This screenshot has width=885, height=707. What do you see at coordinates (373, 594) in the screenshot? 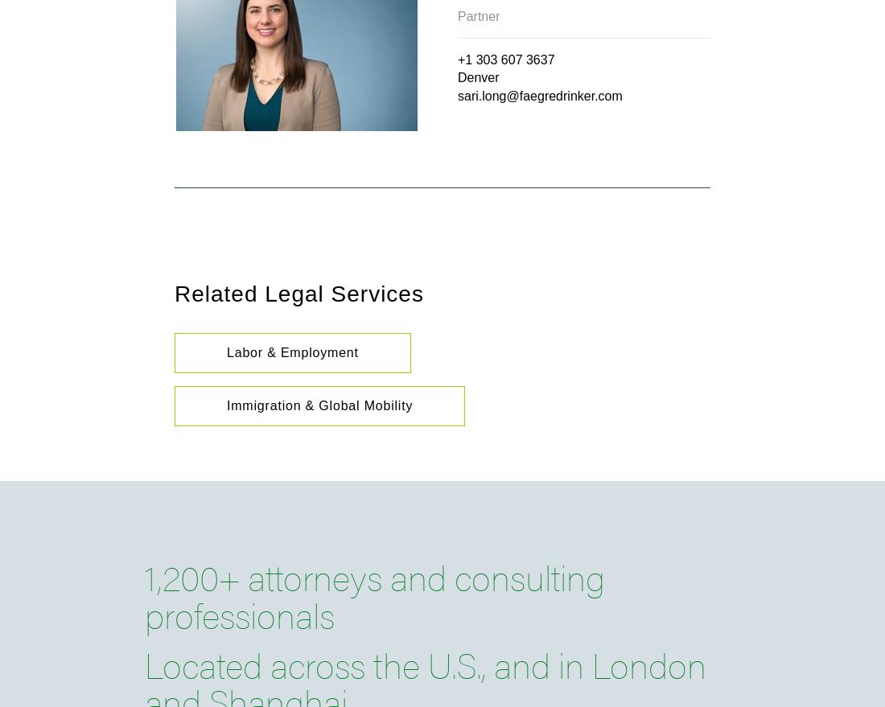
I see `'1,200+ attorneys and consulting professionals'` at bounding box center [373, 594].